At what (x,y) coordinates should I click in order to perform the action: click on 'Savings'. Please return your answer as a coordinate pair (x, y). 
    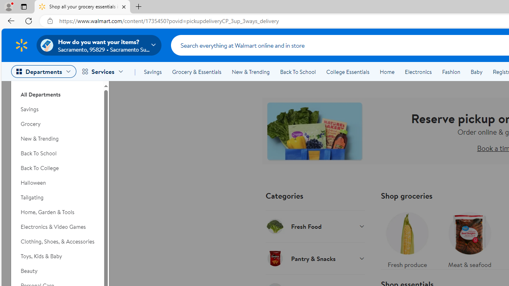
    Looking at the image, I should click on (56, 109).